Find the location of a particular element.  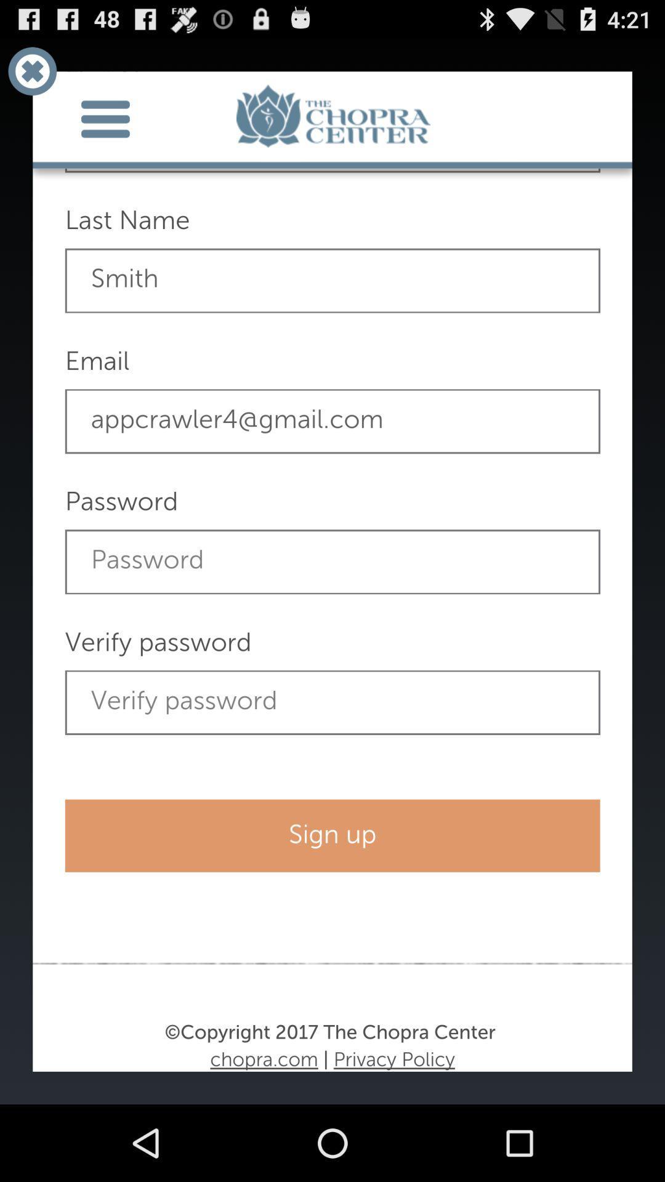

x icon is located at coordinates (31, 70).